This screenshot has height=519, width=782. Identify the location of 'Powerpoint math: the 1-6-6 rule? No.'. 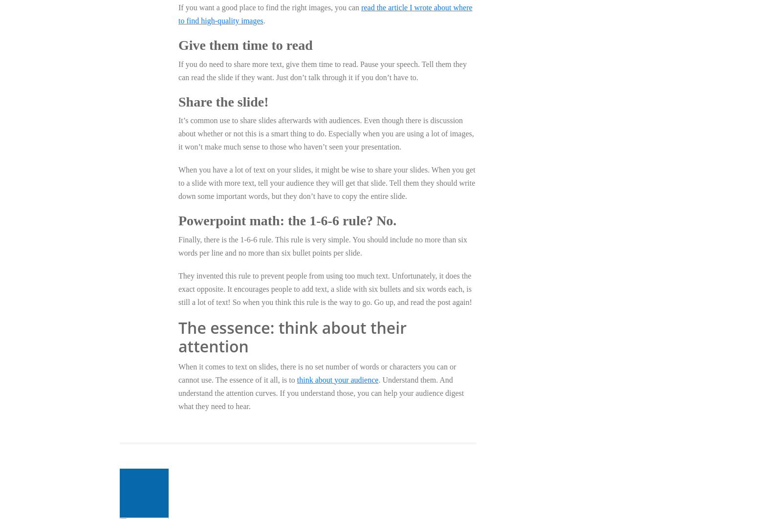
(287, 220).